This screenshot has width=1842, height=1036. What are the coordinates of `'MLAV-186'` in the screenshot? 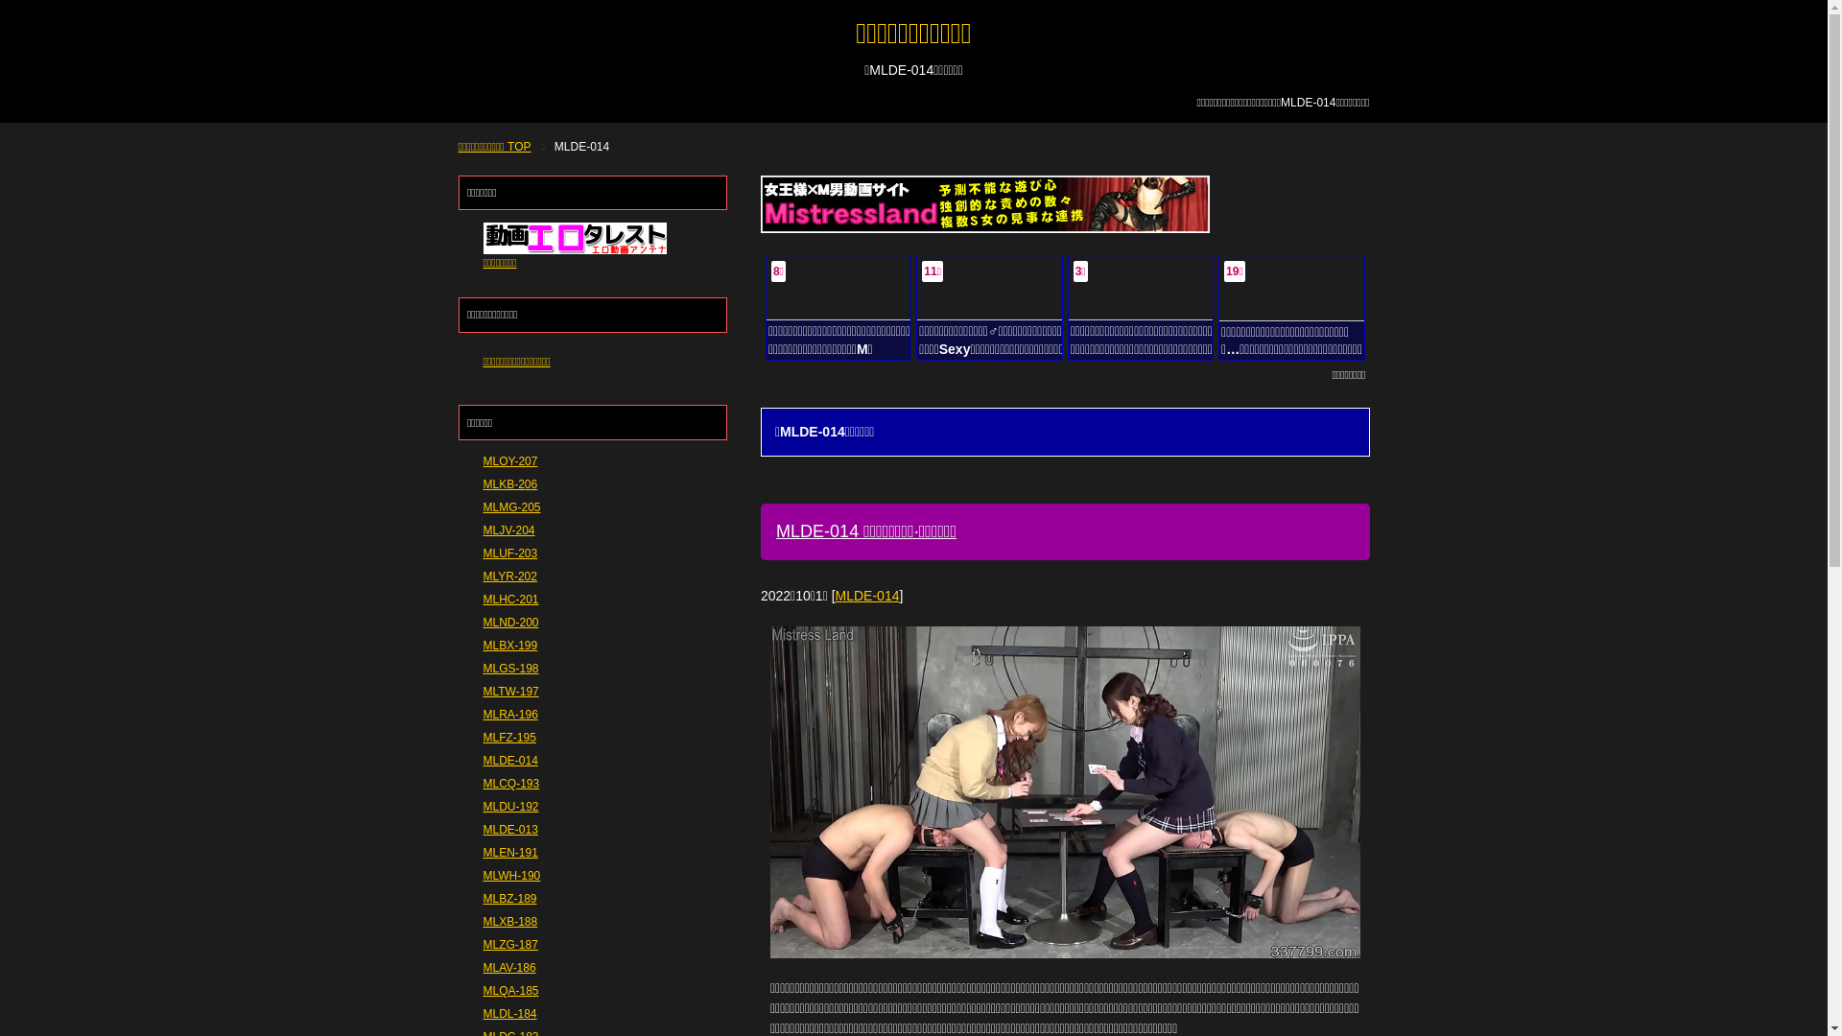 It's located at (484, 968).